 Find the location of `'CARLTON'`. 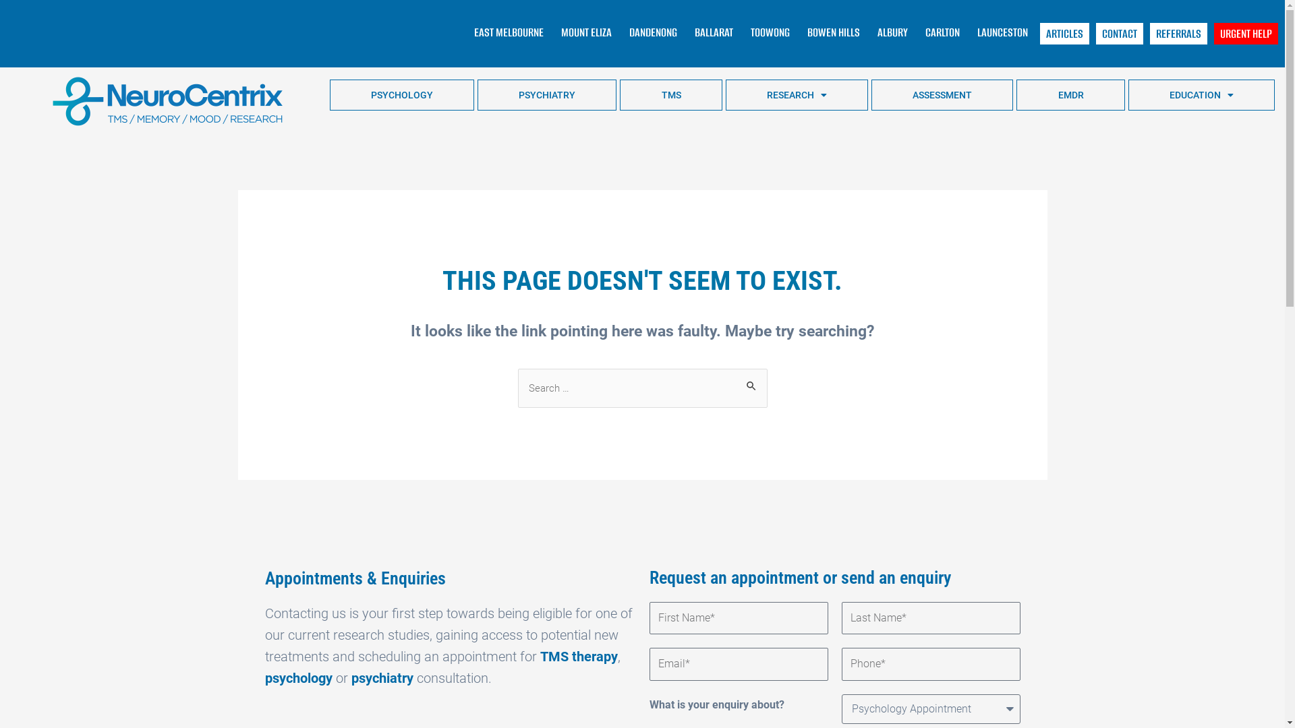

'CARLTON' is located at coordinates (942, 31).